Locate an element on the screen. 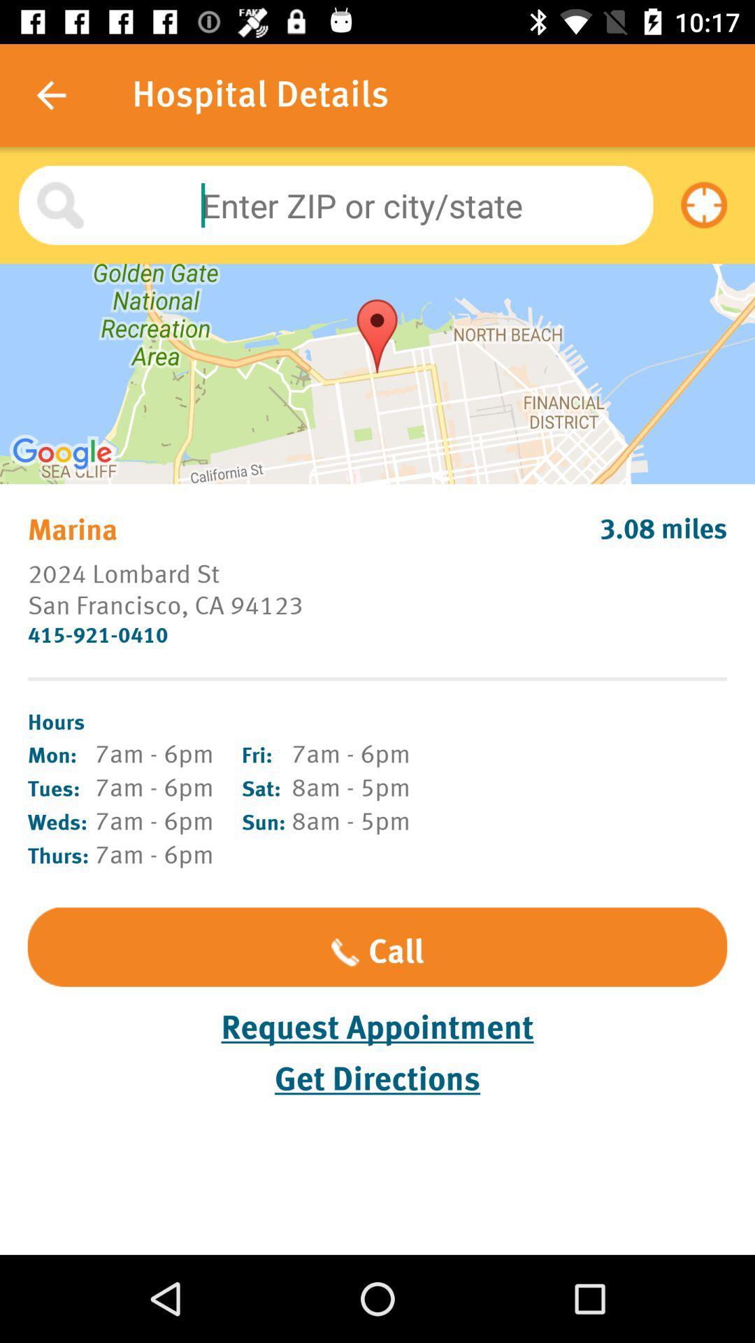 The image size is (755, 1343). icon below the call item is located at coordinates (377, 1028).